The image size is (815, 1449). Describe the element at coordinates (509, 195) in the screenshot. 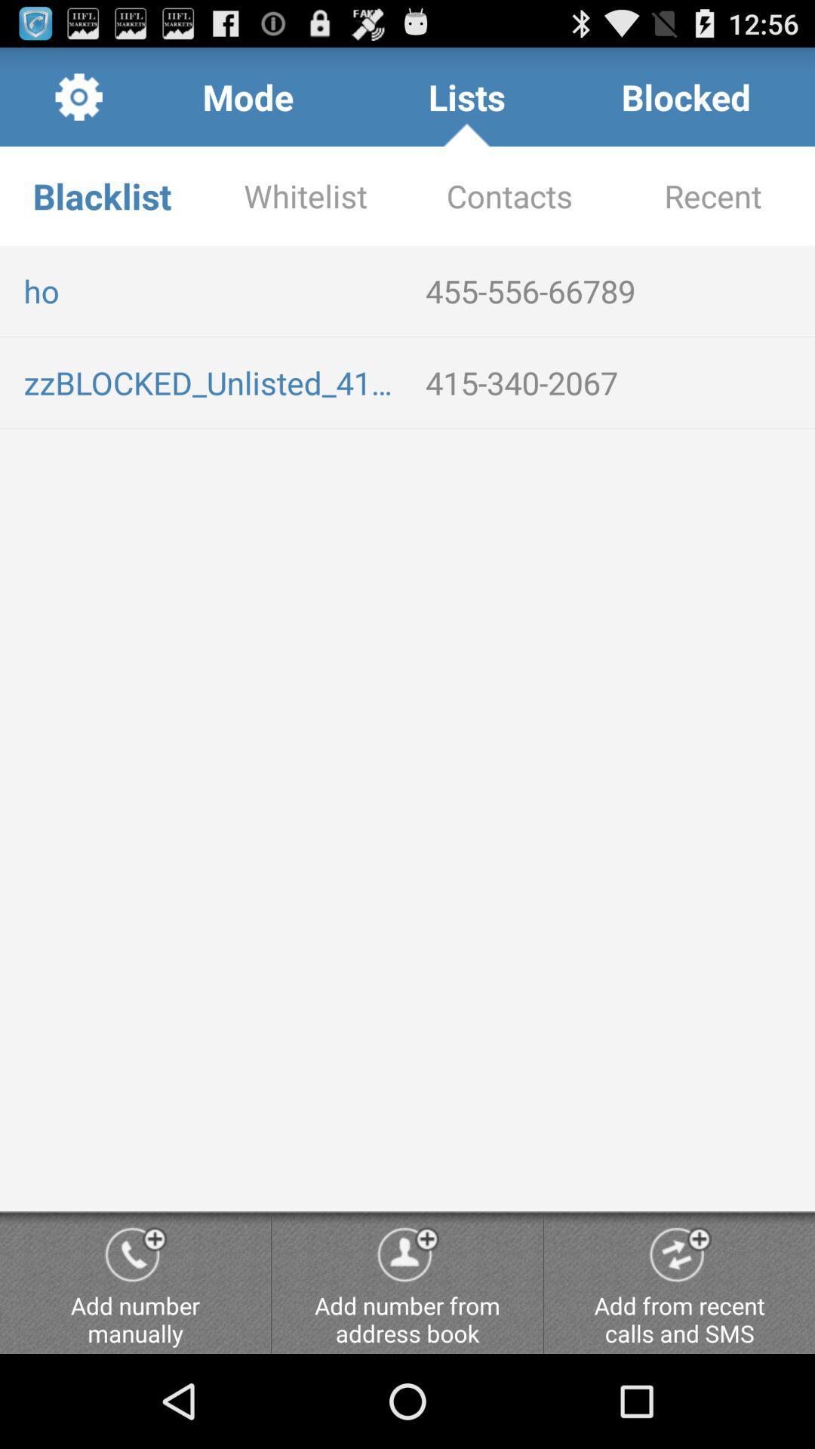

I see `item next to the whitelist` at that location.